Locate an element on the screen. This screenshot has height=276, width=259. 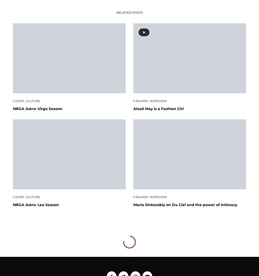
'NBGA Astro: Virgo Season' is located at coordinates (13, 109).